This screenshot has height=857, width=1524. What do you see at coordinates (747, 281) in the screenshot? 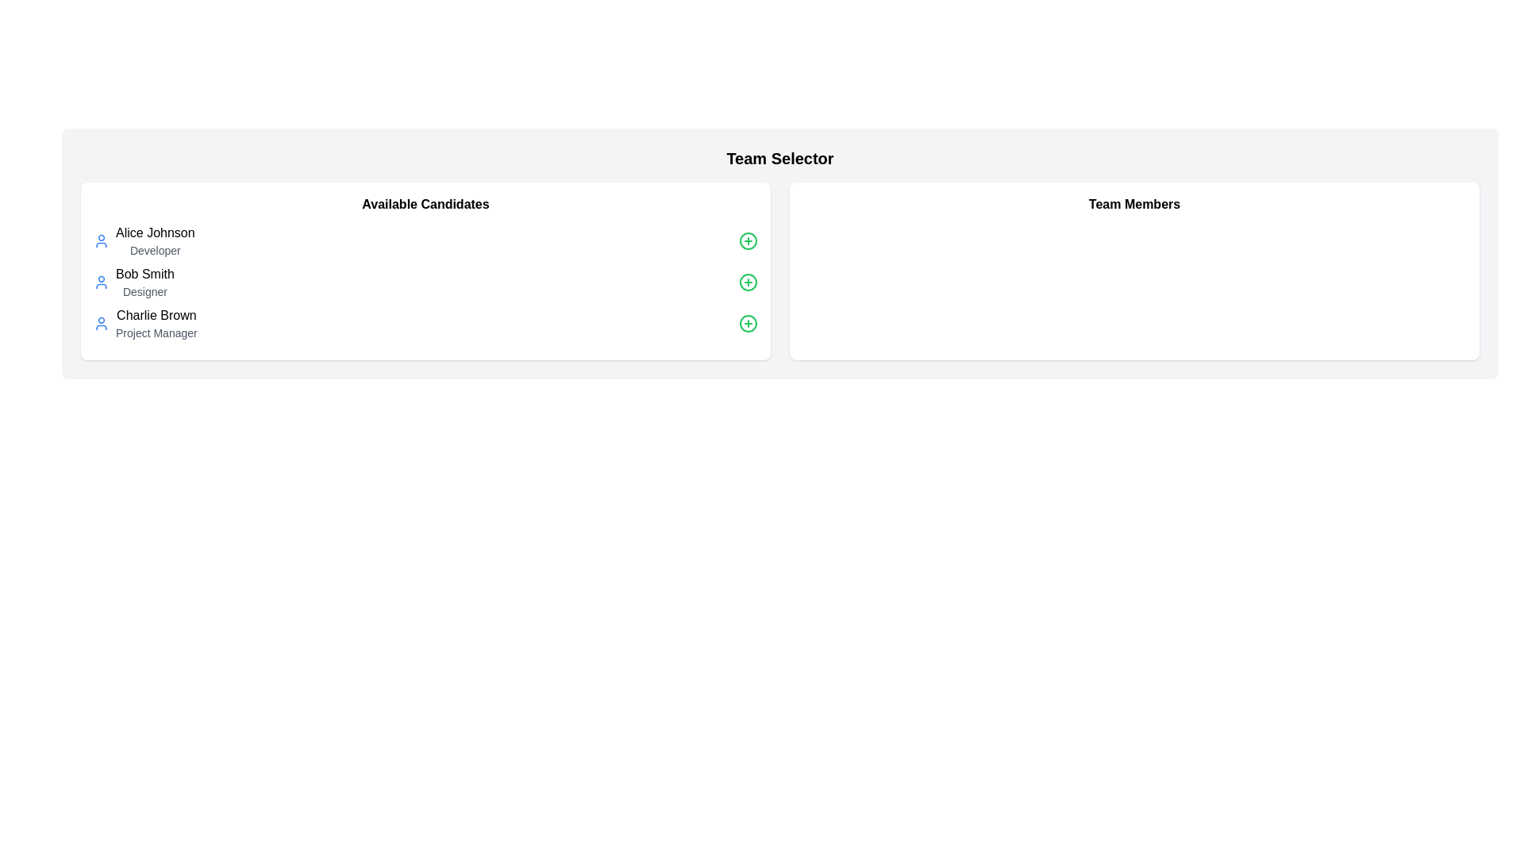
I see `the green circular button containing a plus symbol, which is the second button in the 'Available Candidates' list next to 'Bob Smith, Designer'` at bounding box center [747, 281].